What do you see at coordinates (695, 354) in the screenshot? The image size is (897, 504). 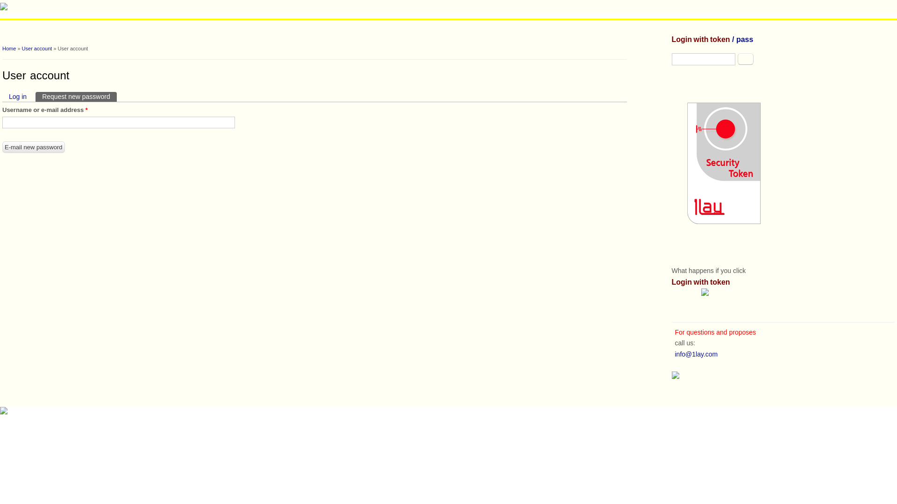 I see `'info@1lay.com'` at bounding box center [695, 354].